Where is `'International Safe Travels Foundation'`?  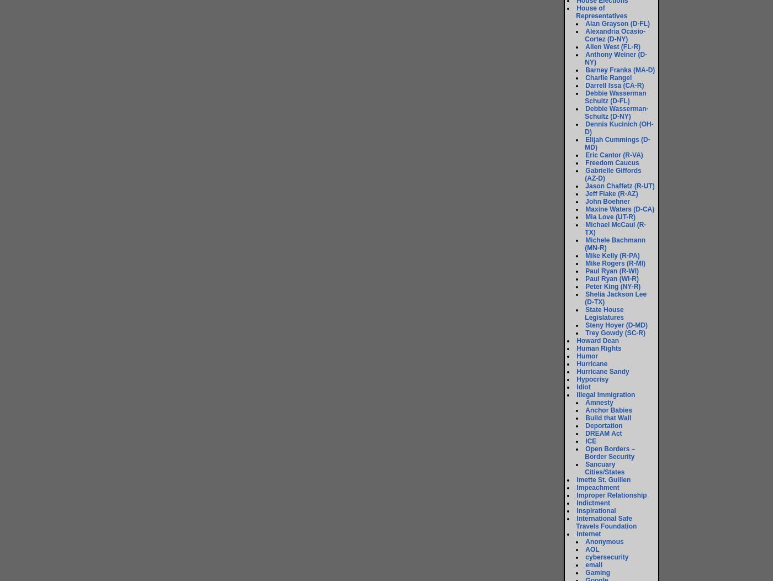 'International Safe Travels Foundation' is located at coordinates (606, 521).